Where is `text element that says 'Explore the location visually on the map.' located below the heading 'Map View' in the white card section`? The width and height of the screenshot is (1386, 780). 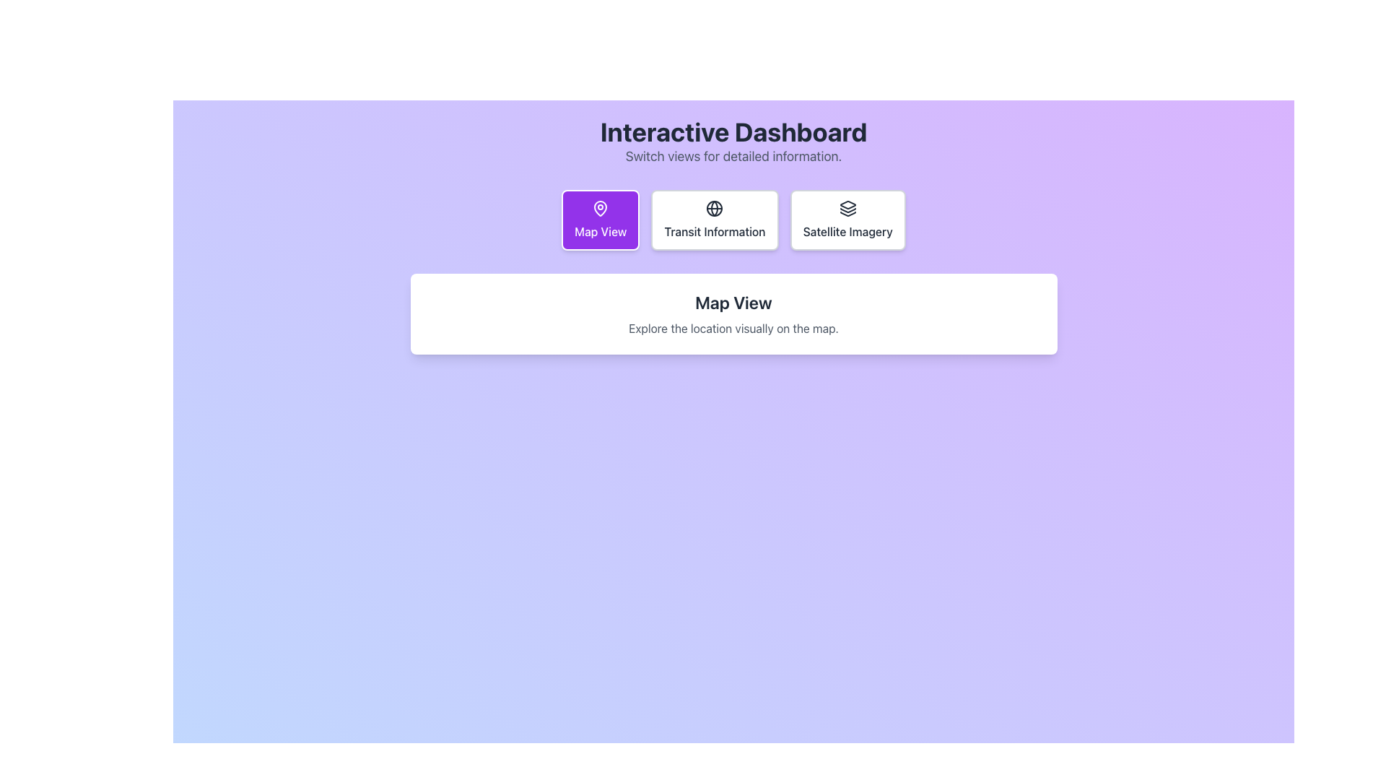 text element that says 'Explore the location visually on the map.' located below the heading 'Map View' in the white card section is located at coordinates (733, 329).